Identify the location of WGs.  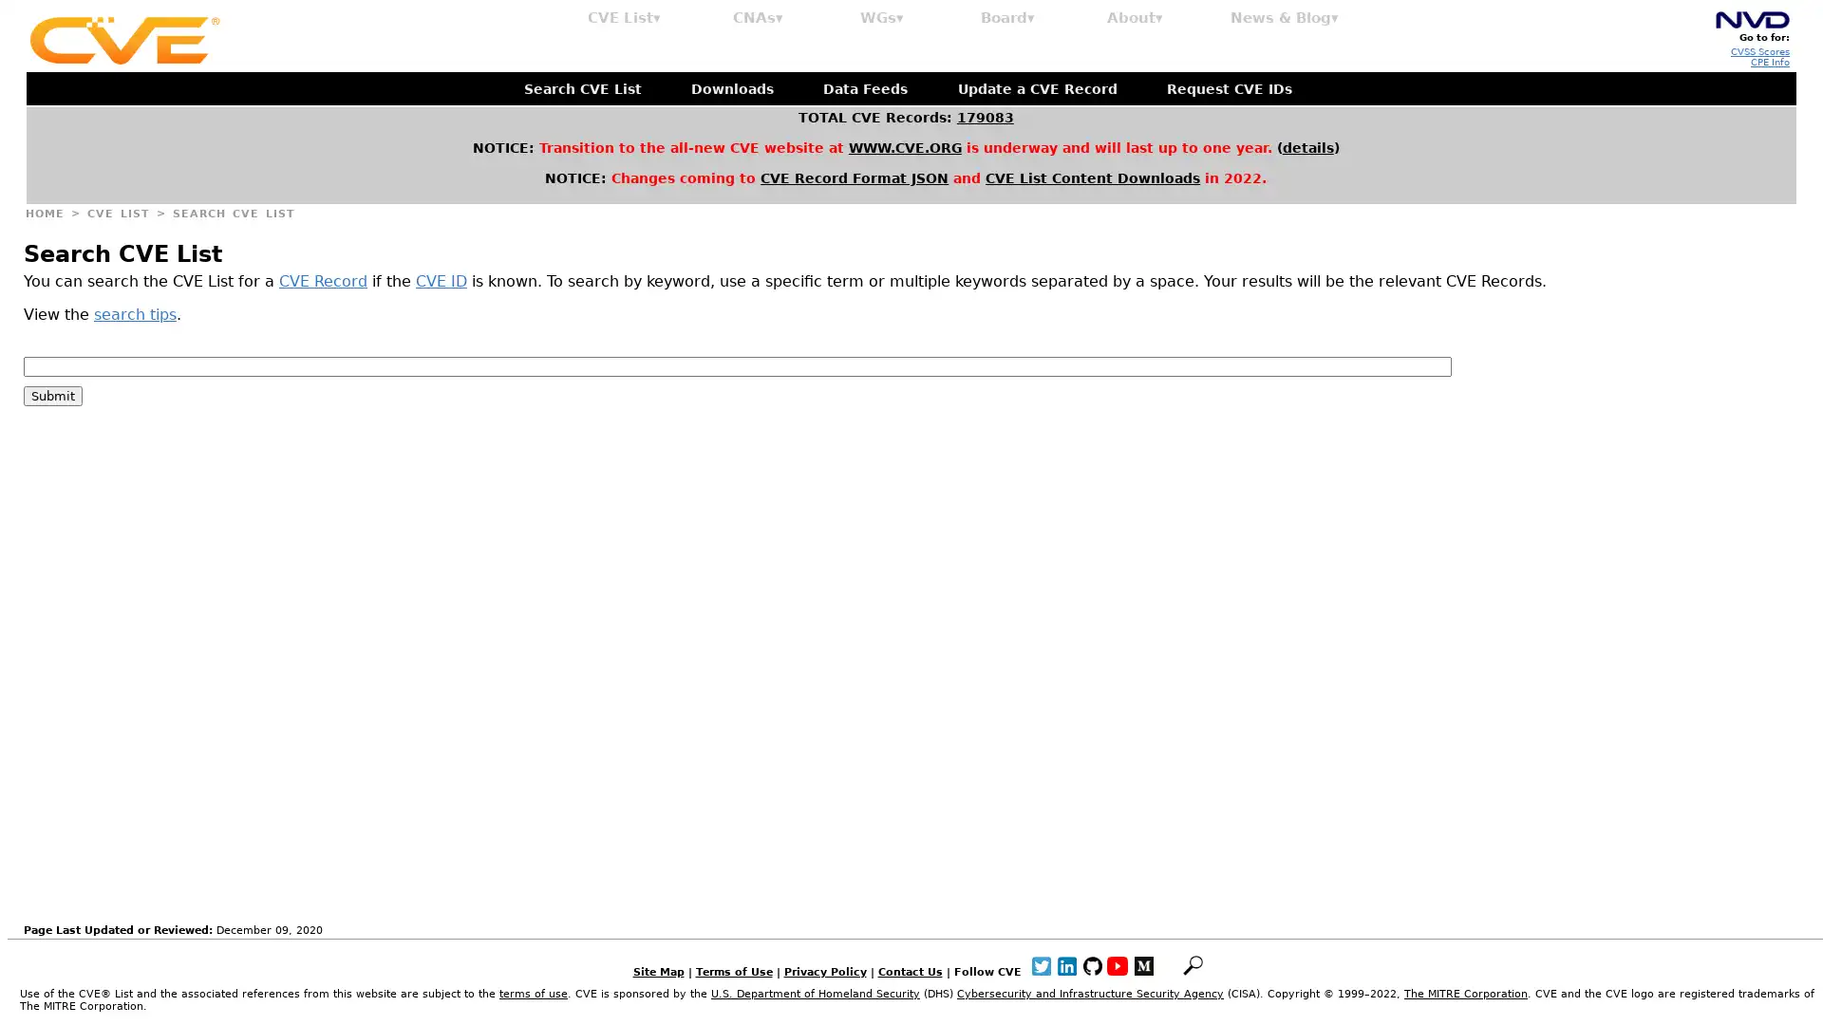
(881, 18).